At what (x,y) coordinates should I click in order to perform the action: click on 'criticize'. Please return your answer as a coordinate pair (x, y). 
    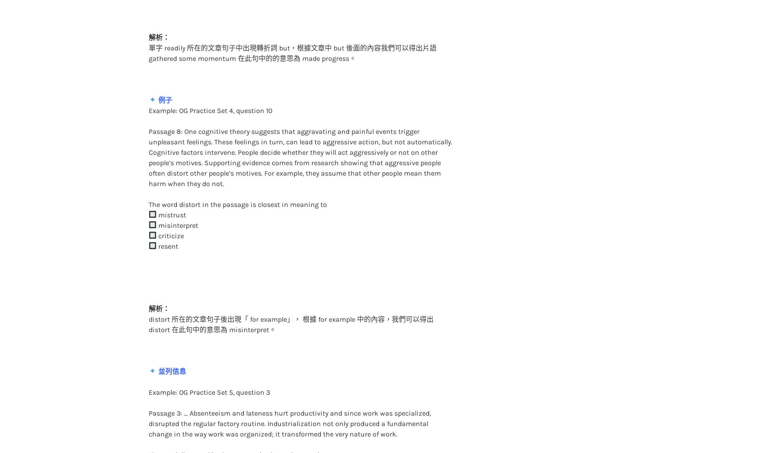
    Looking at the image, I should click on (169, 218).